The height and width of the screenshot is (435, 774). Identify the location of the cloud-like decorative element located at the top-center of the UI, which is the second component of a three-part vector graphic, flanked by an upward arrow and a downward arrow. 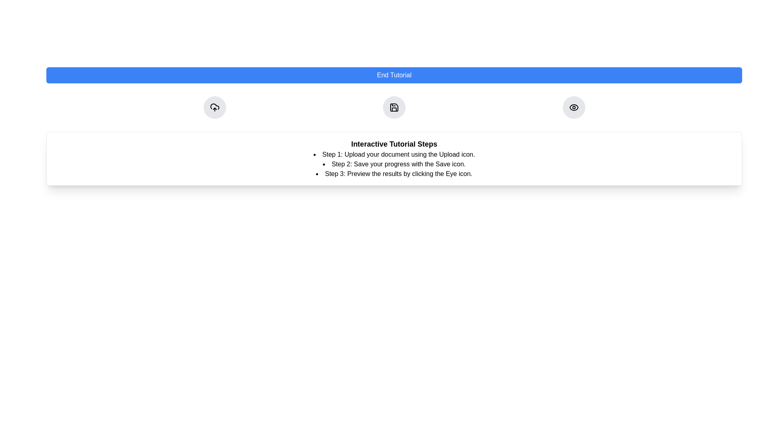
(214, 106).